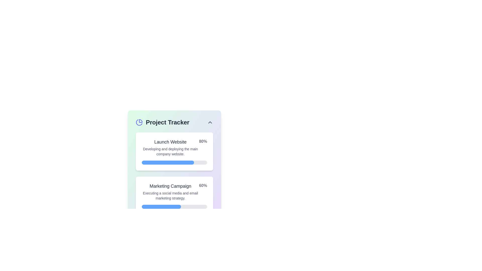 This screenshot has width=482, height=271. Describe the element at coordinates (170, 195) in the screenshot. I see `the static text label that provides additional details about the 'Marketing Campaign', located below the title and centered within the card` at that location.